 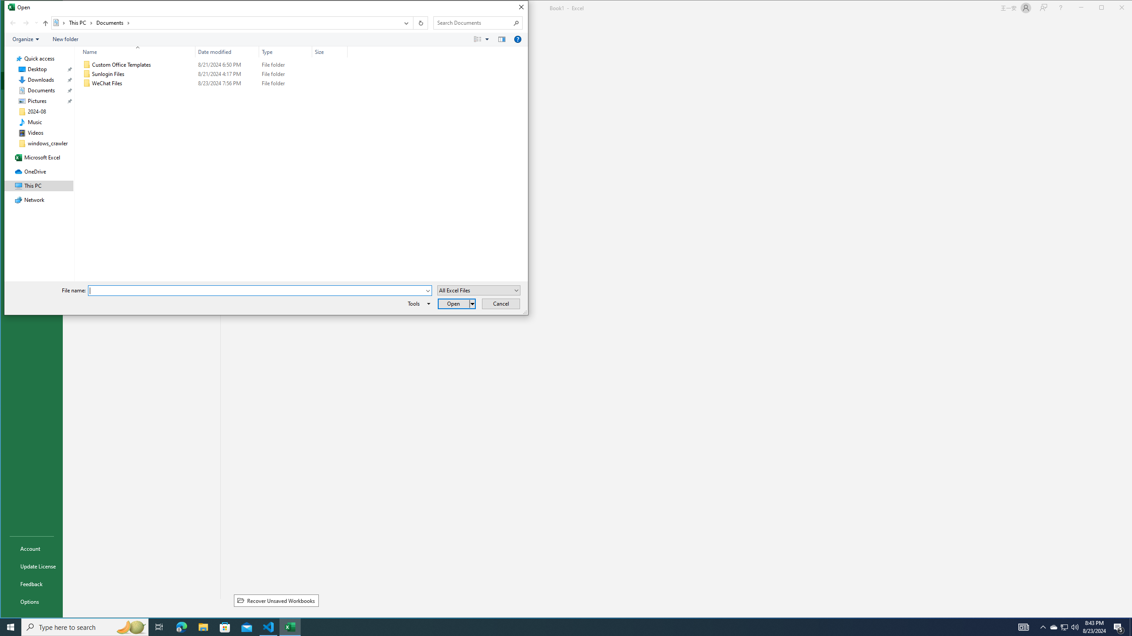 I want to click on 'Microsoft Edge', so click(x=181, y=626).